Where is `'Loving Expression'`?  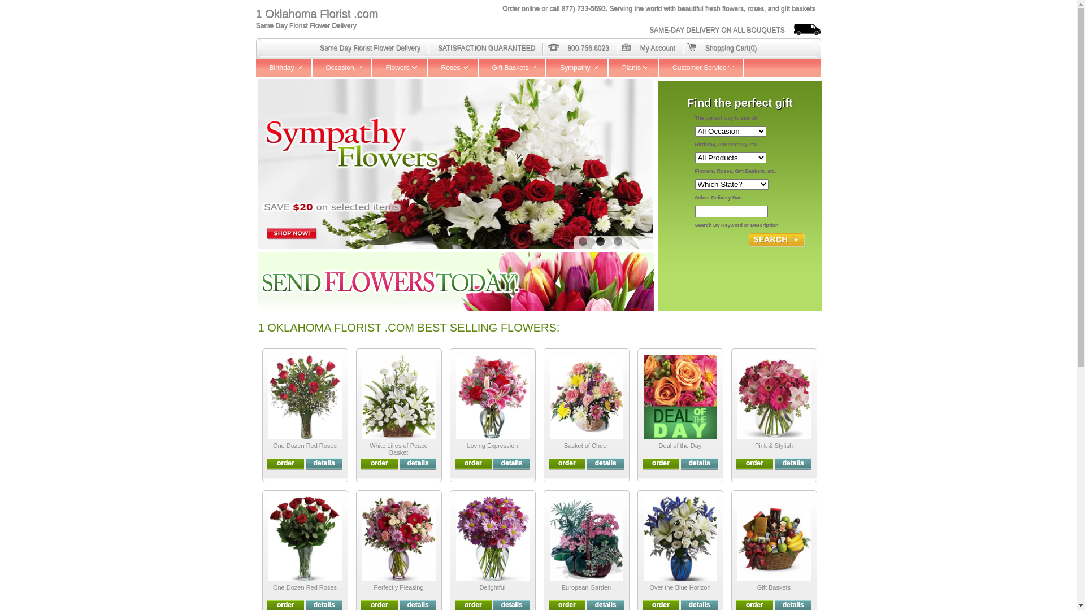 'Loving Expression' is located at coordinates (493, 445).